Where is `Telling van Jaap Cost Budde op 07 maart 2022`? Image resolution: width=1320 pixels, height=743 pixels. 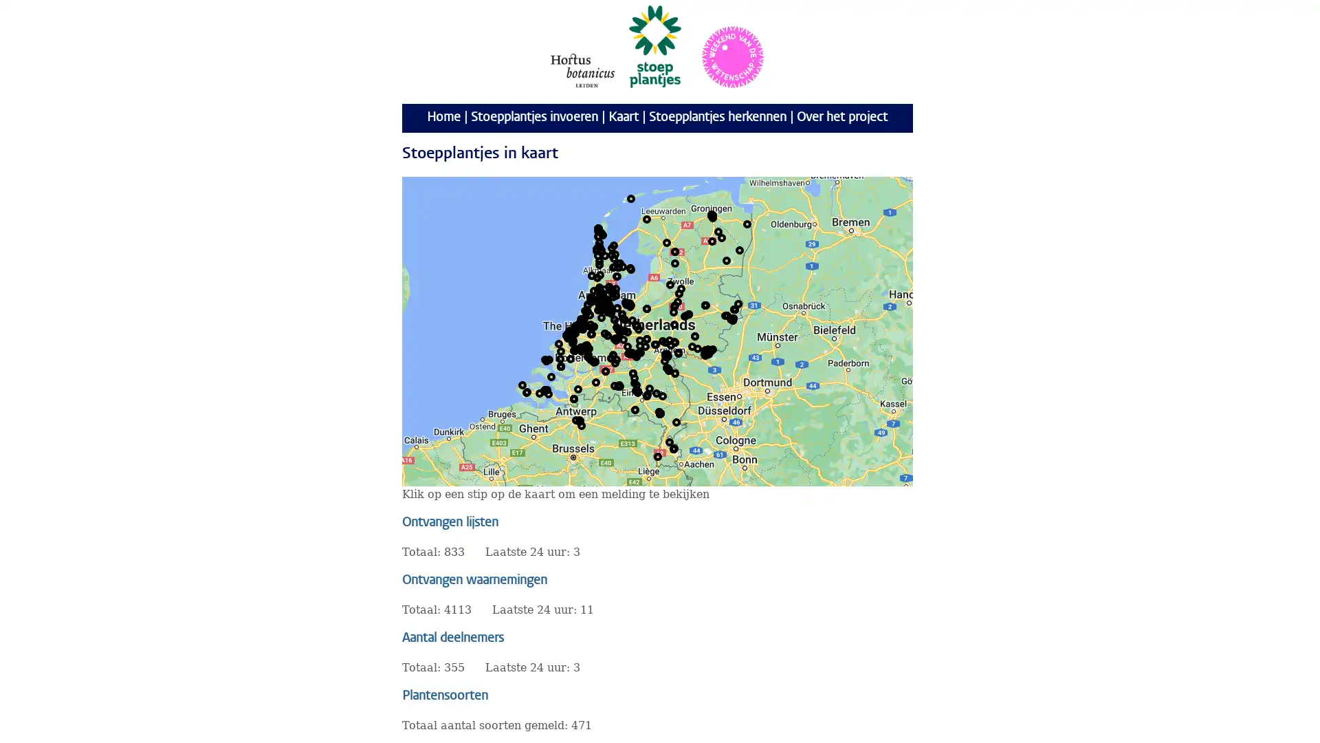 Telling van Jaap Cost Budde op 07 maart 2022 is located at coordinates (621, 313).